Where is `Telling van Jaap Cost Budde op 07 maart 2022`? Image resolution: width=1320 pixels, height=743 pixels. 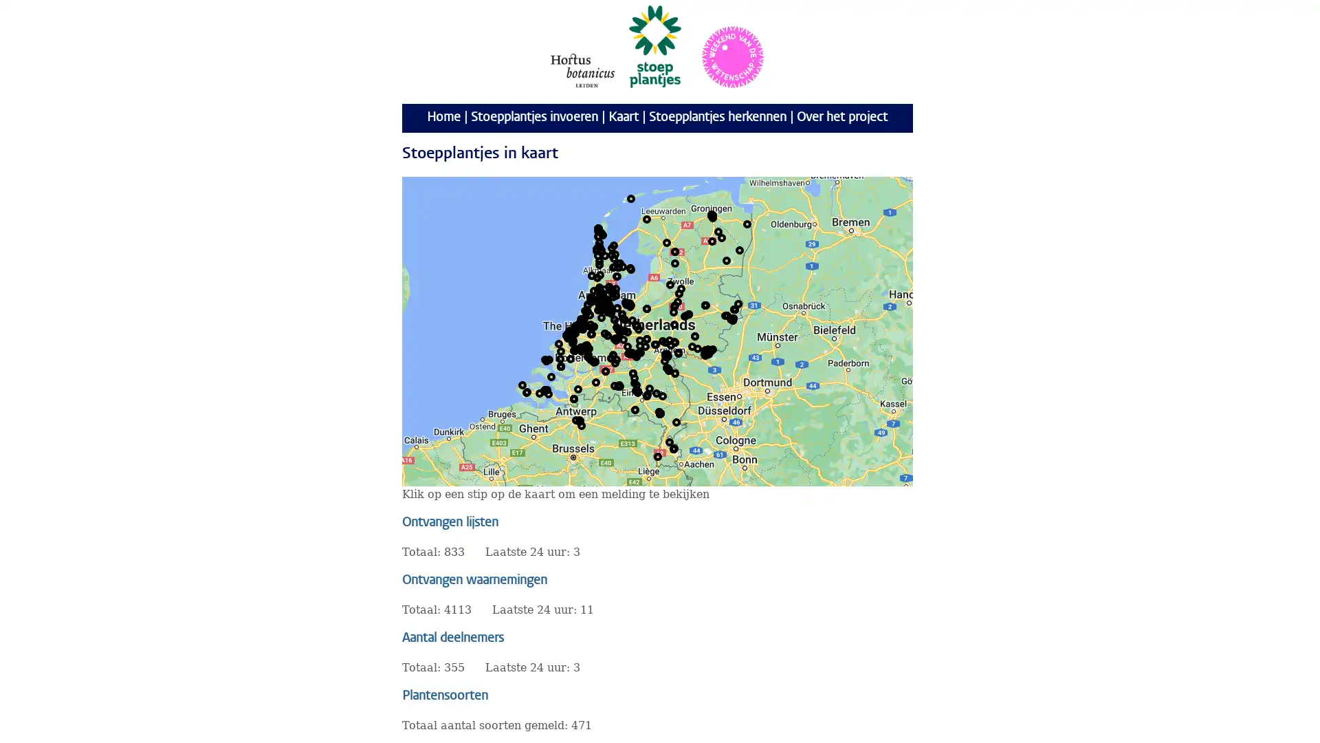 Telling van Jaap Cost Budde op 07 maart 2022 is located at coordinates (621, 313).